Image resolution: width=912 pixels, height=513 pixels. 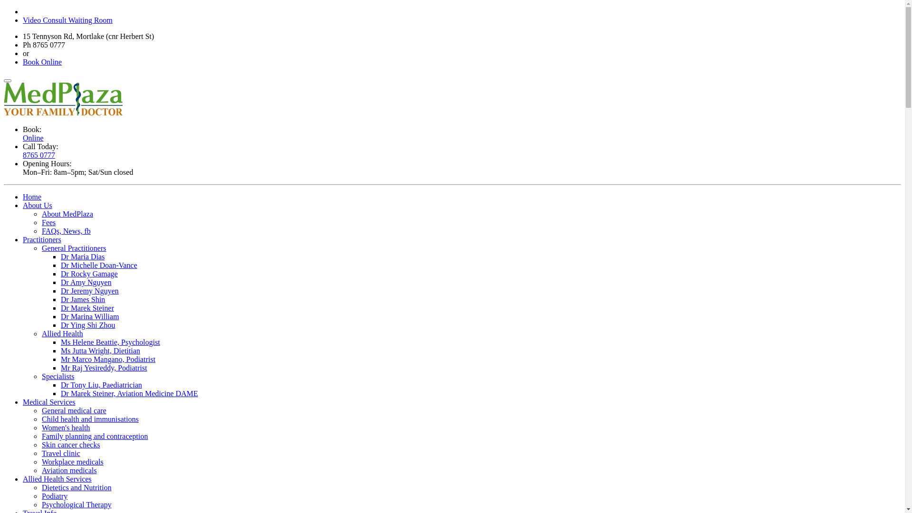 I want to click on 'Fees', so click(x=41, y=222).